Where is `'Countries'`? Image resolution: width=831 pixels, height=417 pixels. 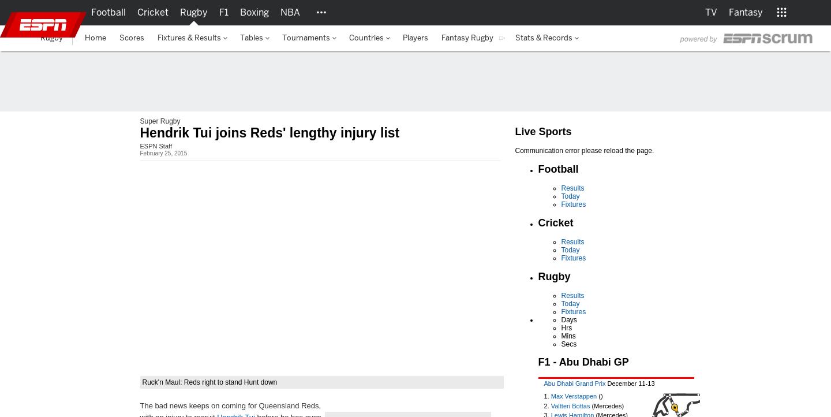 'Countries' is located at coordinates (366, 37).